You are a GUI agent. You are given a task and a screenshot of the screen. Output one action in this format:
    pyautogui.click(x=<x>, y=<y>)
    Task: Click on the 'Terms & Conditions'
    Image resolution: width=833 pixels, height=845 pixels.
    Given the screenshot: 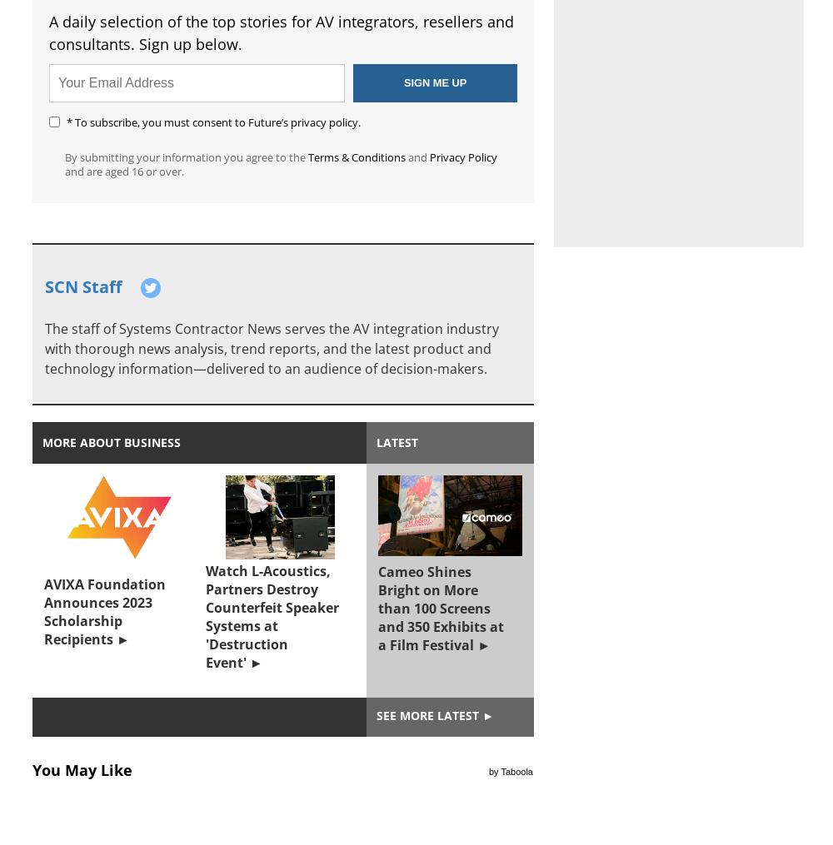 What is the action you would take?
    pyautogui.click(x=357, y=155)
    